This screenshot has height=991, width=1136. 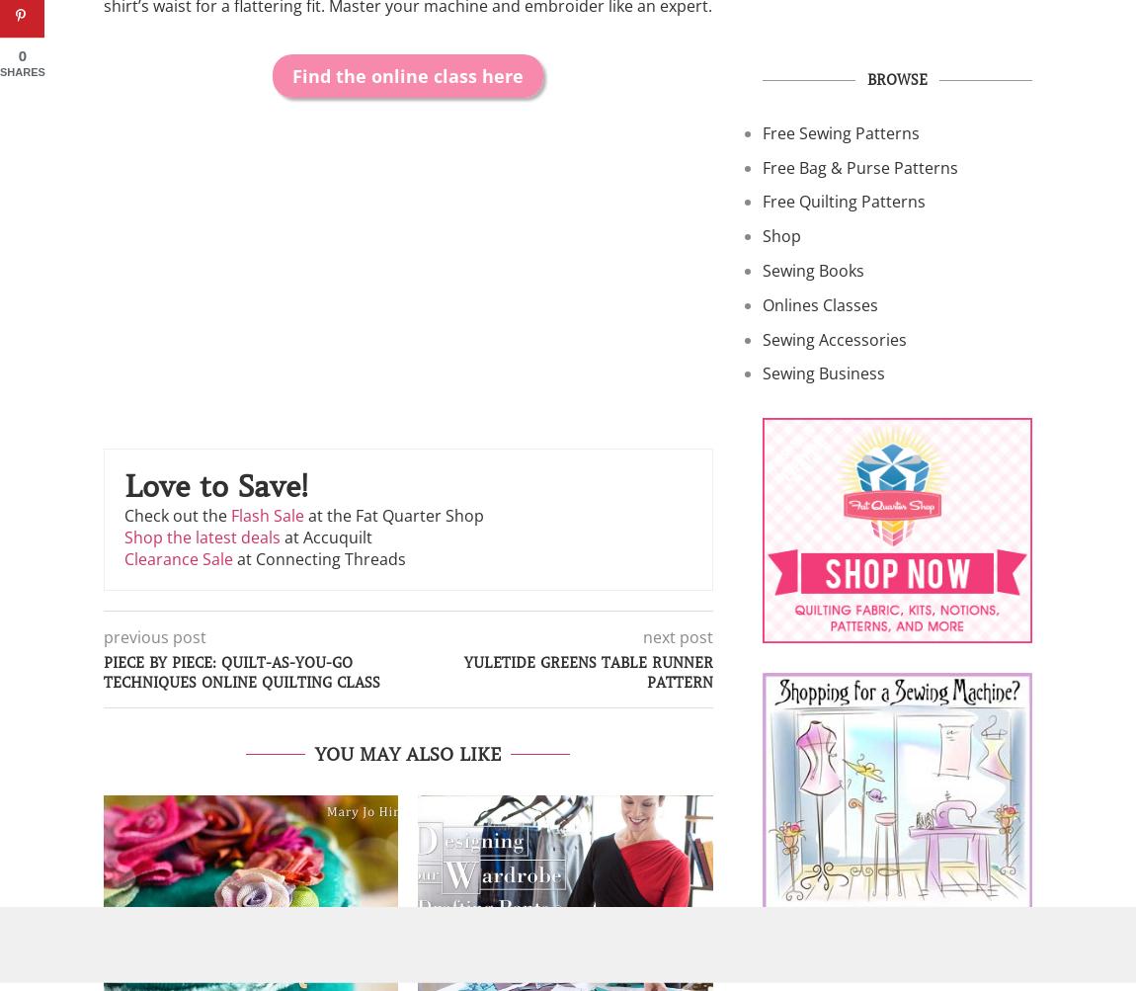 I want to click on 'Love to Save!', so click(x=214, y=486).